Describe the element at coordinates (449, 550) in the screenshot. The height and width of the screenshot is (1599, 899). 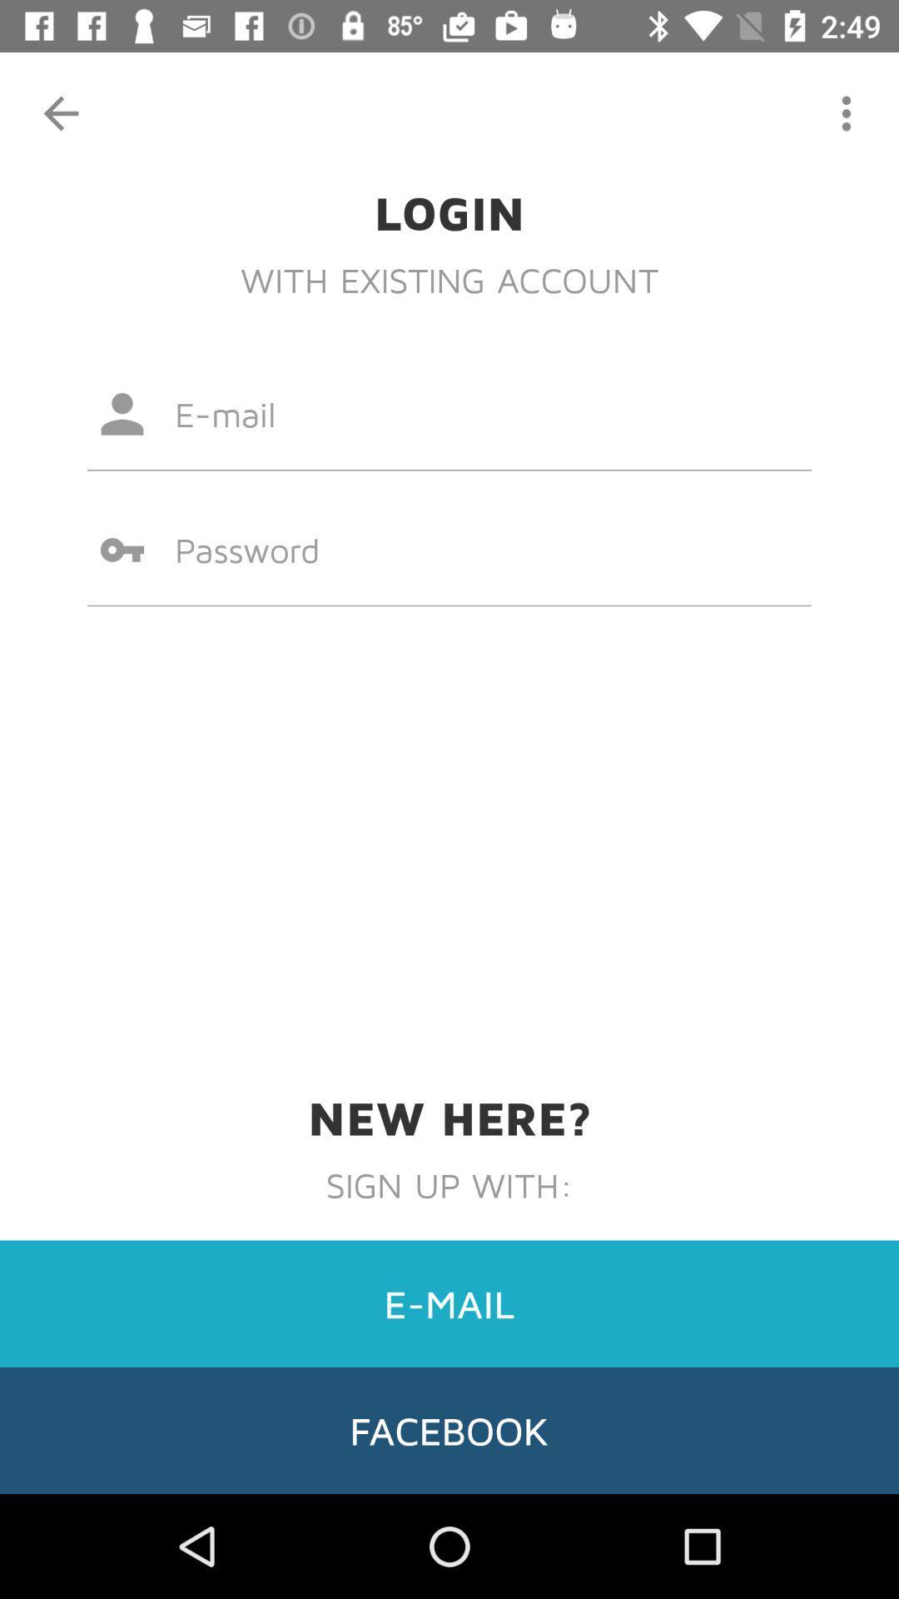
I see `the item above new here? icon` at that location.